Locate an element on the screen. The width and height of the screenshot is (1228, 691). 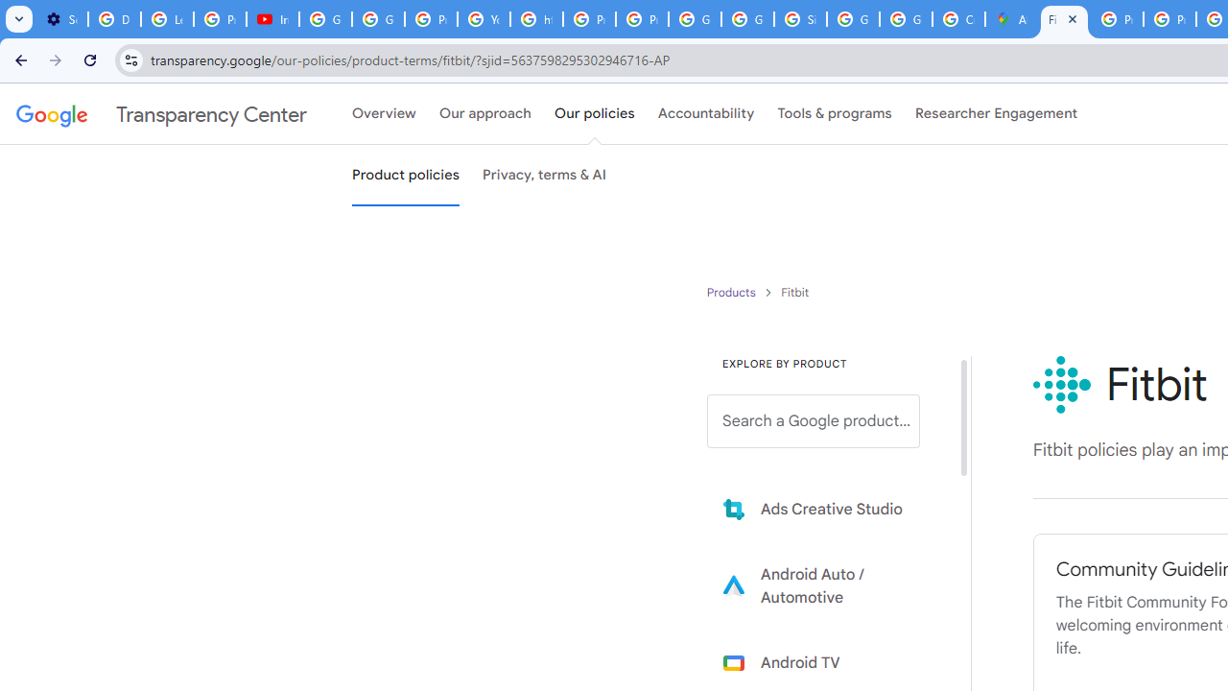
'Accountability' is located at coordinates (705, 114).